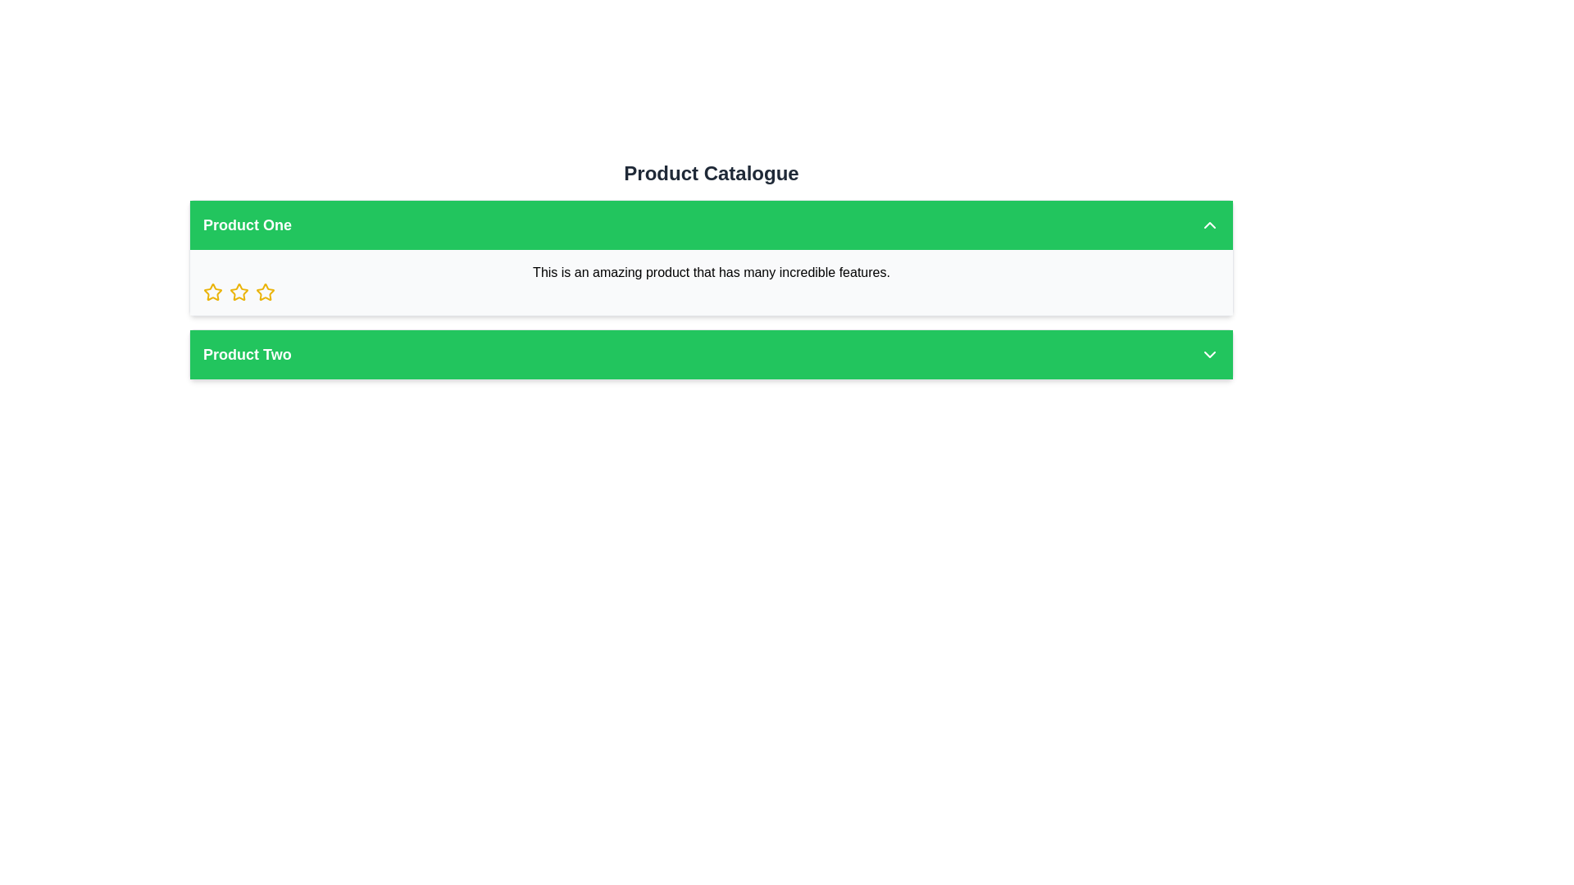 The image size is (1574, 885). Describe the element at coordinates (239, 291) in the screenshot. I see `the second star icon` at that location.